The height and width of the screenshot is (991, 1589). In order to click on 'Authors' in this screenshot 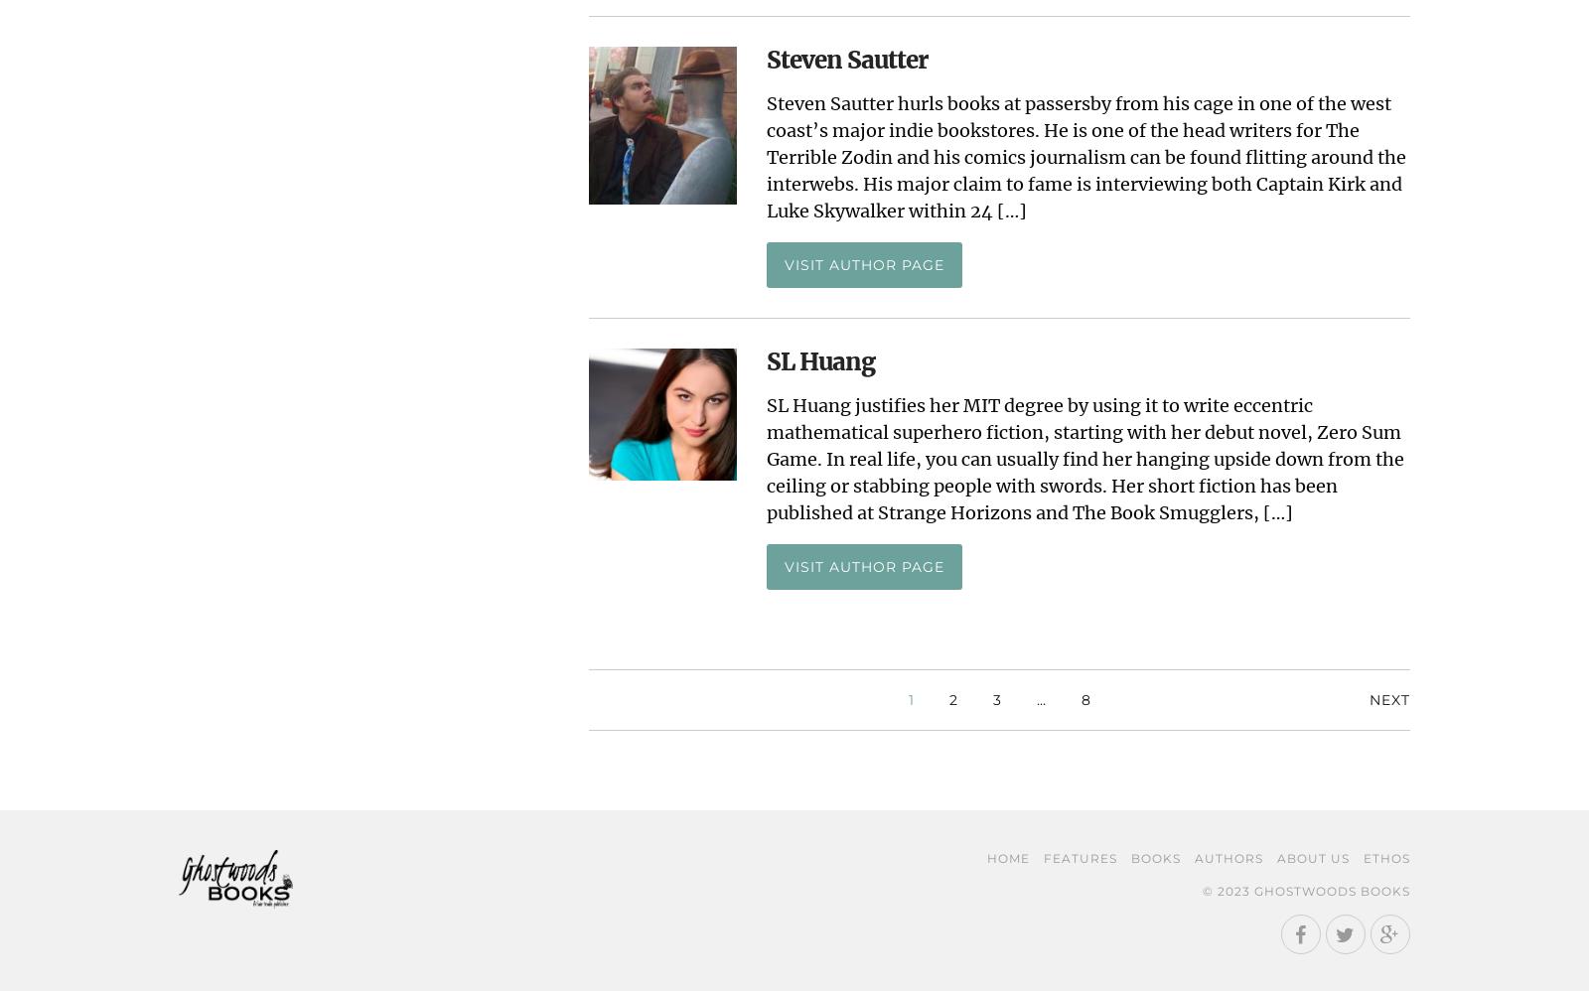, I will do `click(1228, 857)`.